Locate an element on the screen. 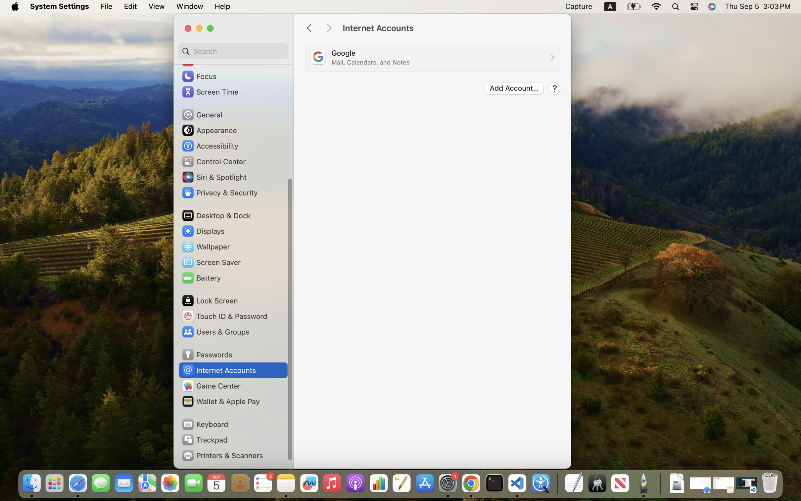  'Battery' is located at coordinates (201, 277).